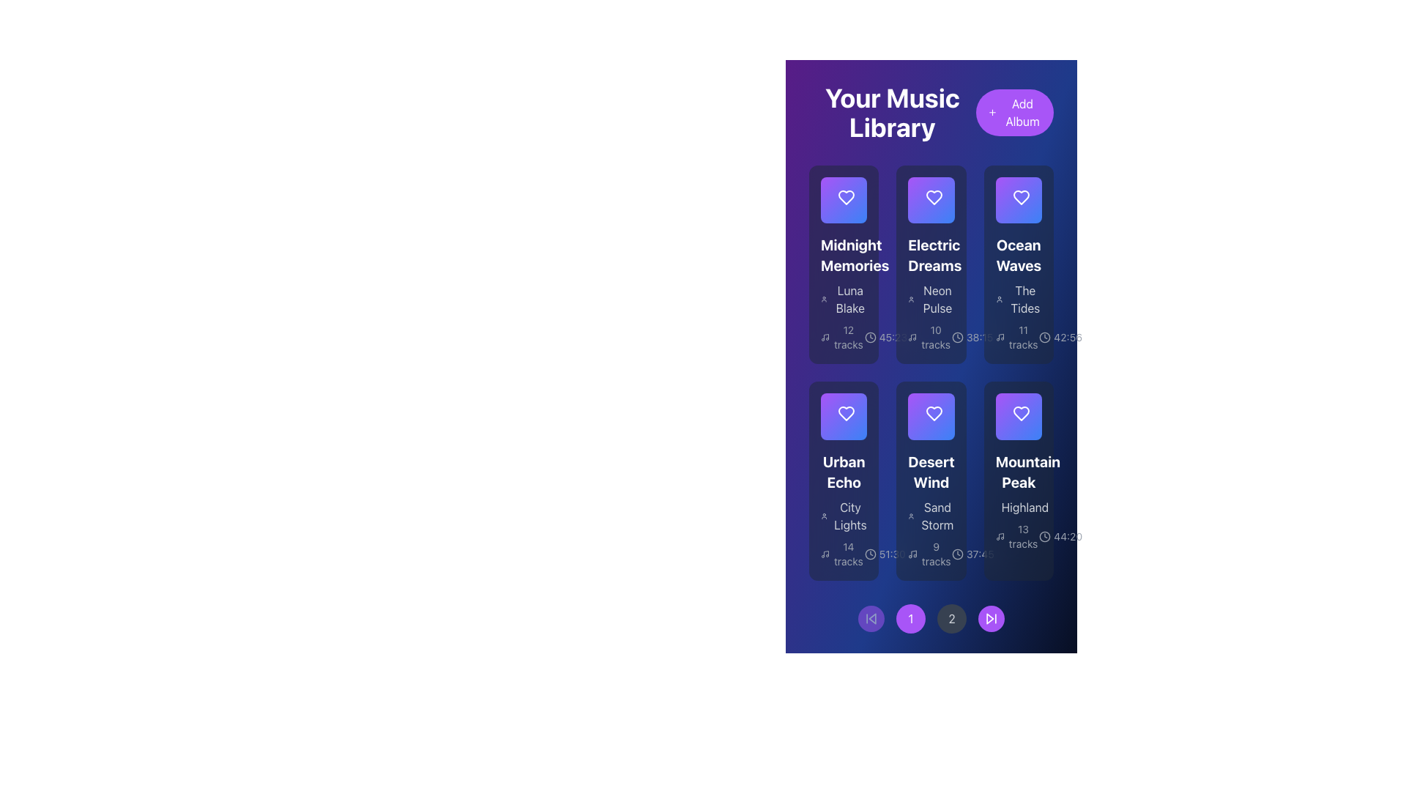 Image resolution: width=1406 pixels, height=791 pixels. I want to click on text displayed in the Text Label showing '45:23', which is located below the 'Electric Dreams' album card, next to the clock icon in the music library interface, so click(892, 338).